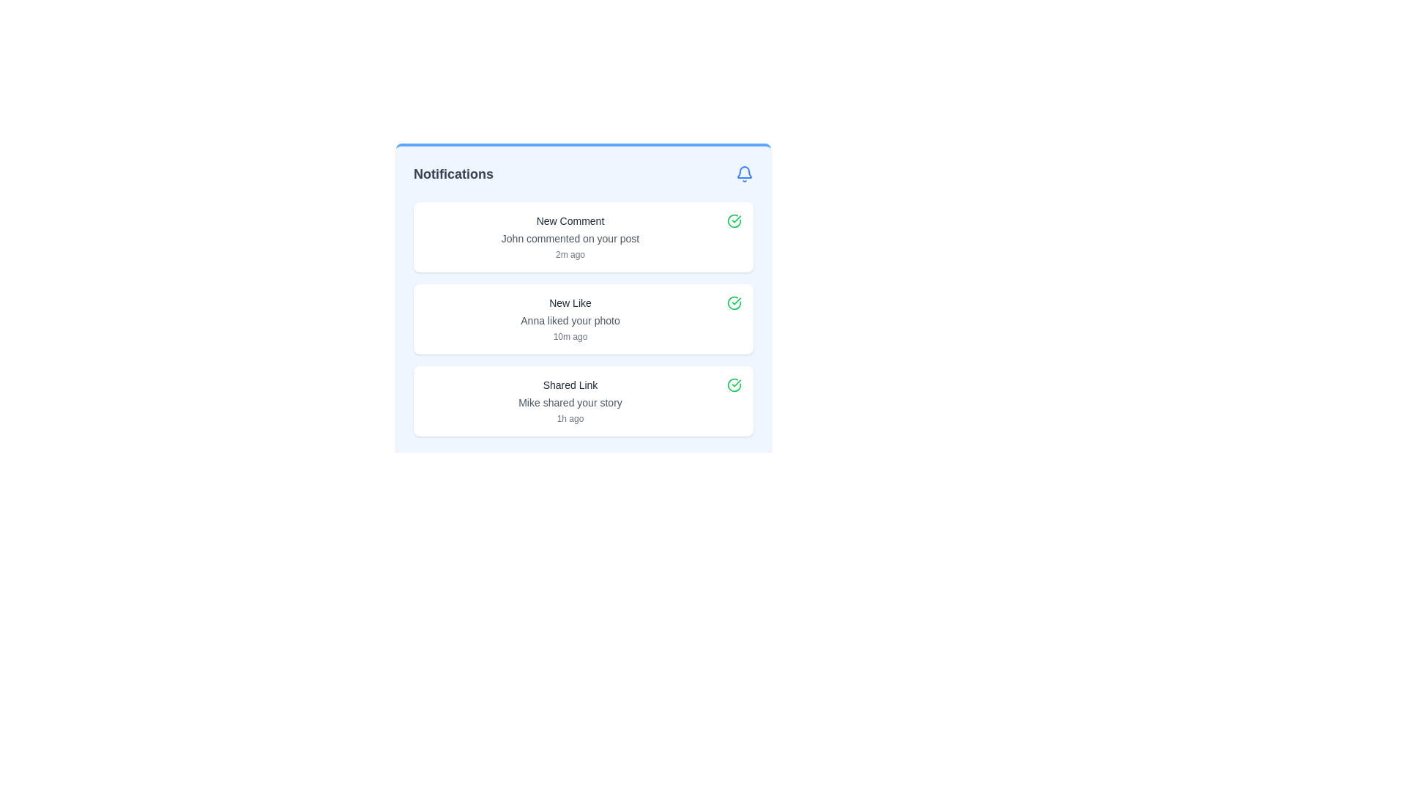  What do you see at coordinates (569, 253) in the screenshot?
I see `the timestamp text label located at the bottom of the 'New Comment' notification card, which indicates how long ago the notification occurred` at bounding box center [569, 253].